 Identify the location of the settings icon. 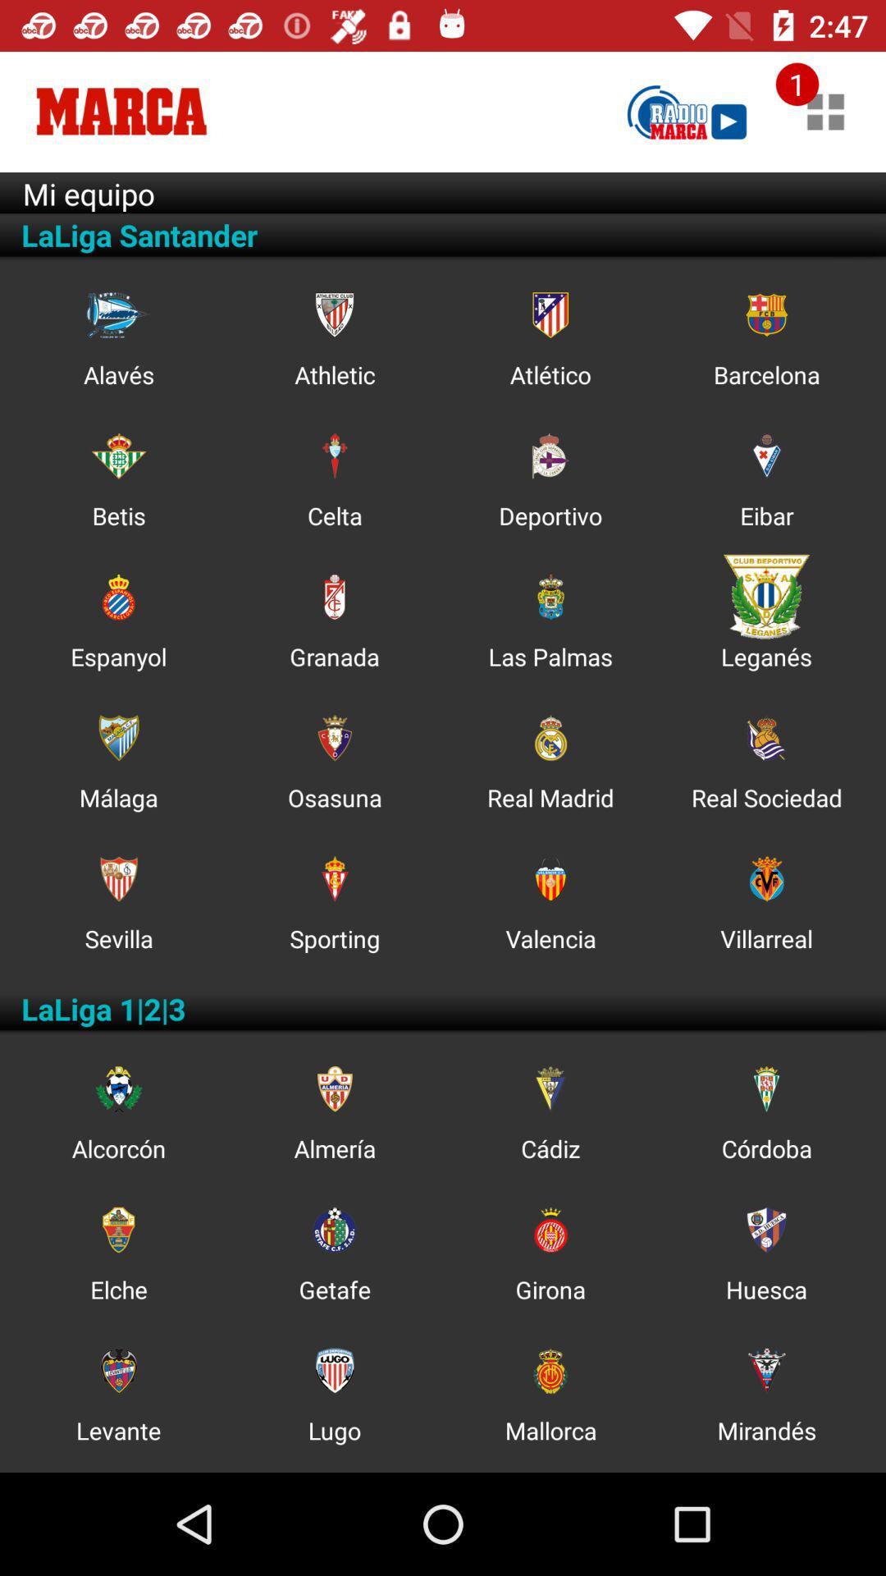
(334, 1088).